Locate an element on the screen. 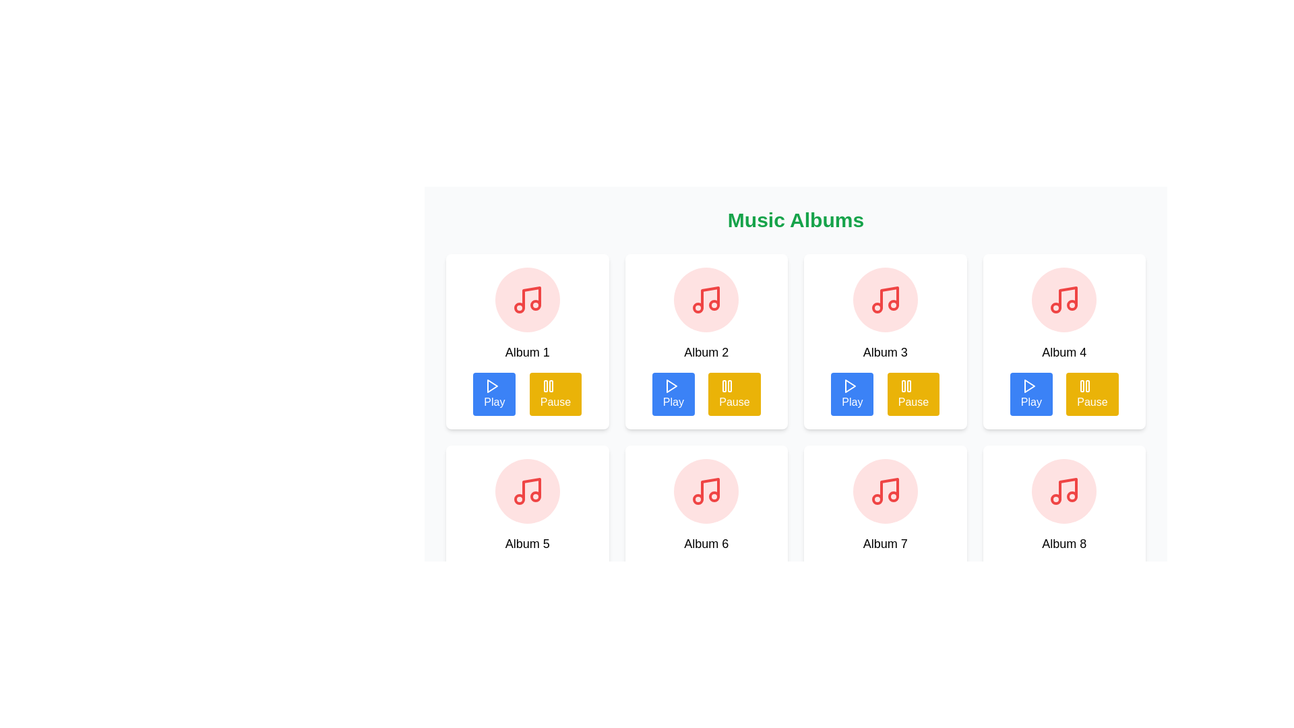  the 'Play' button located under the 'Album 3' section is located at coordinates (851, 394).